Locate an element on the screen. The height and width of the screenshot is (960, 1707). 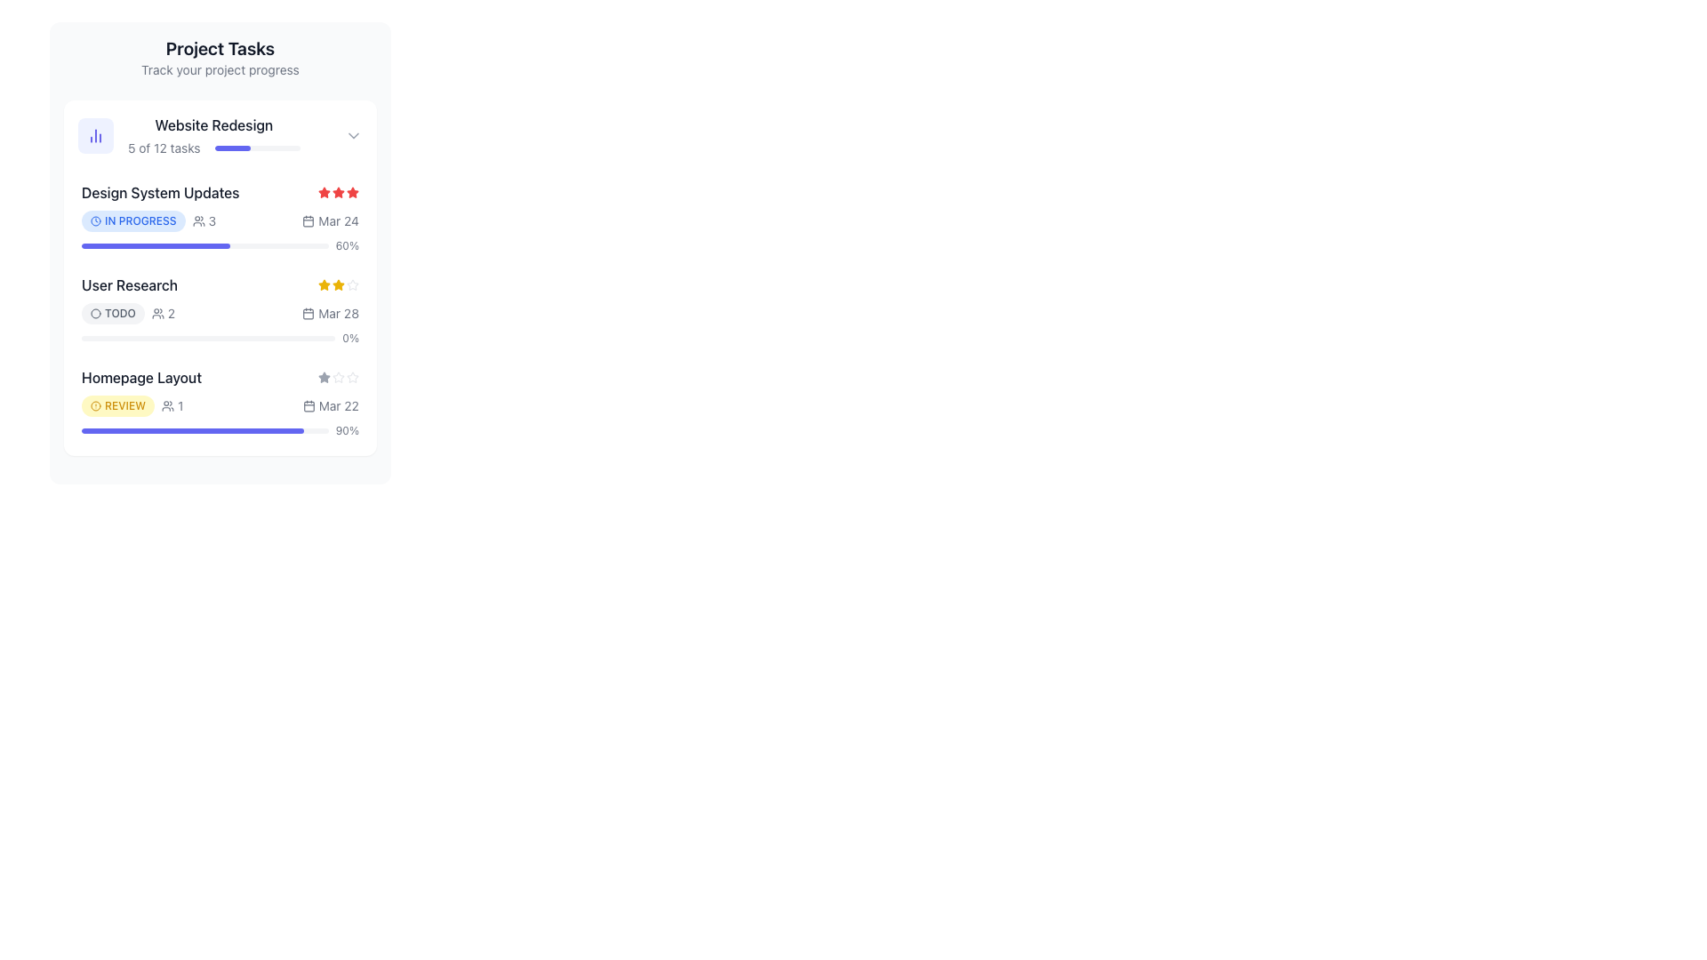
the third bold red star icon in the rating section of the 'Design System Updates' task in the project overview panel is located at coordinates (338, 192).